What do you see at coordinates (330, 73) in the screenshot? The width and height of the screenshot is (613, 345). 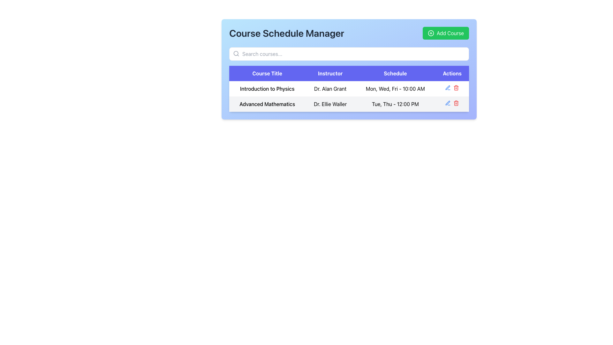 I see `the static text label 'Instructor' column header in the Course Schedule Manager table, which is the second column header between 'Course Title' and 'Schedule'` at bounding box center [330, 73].